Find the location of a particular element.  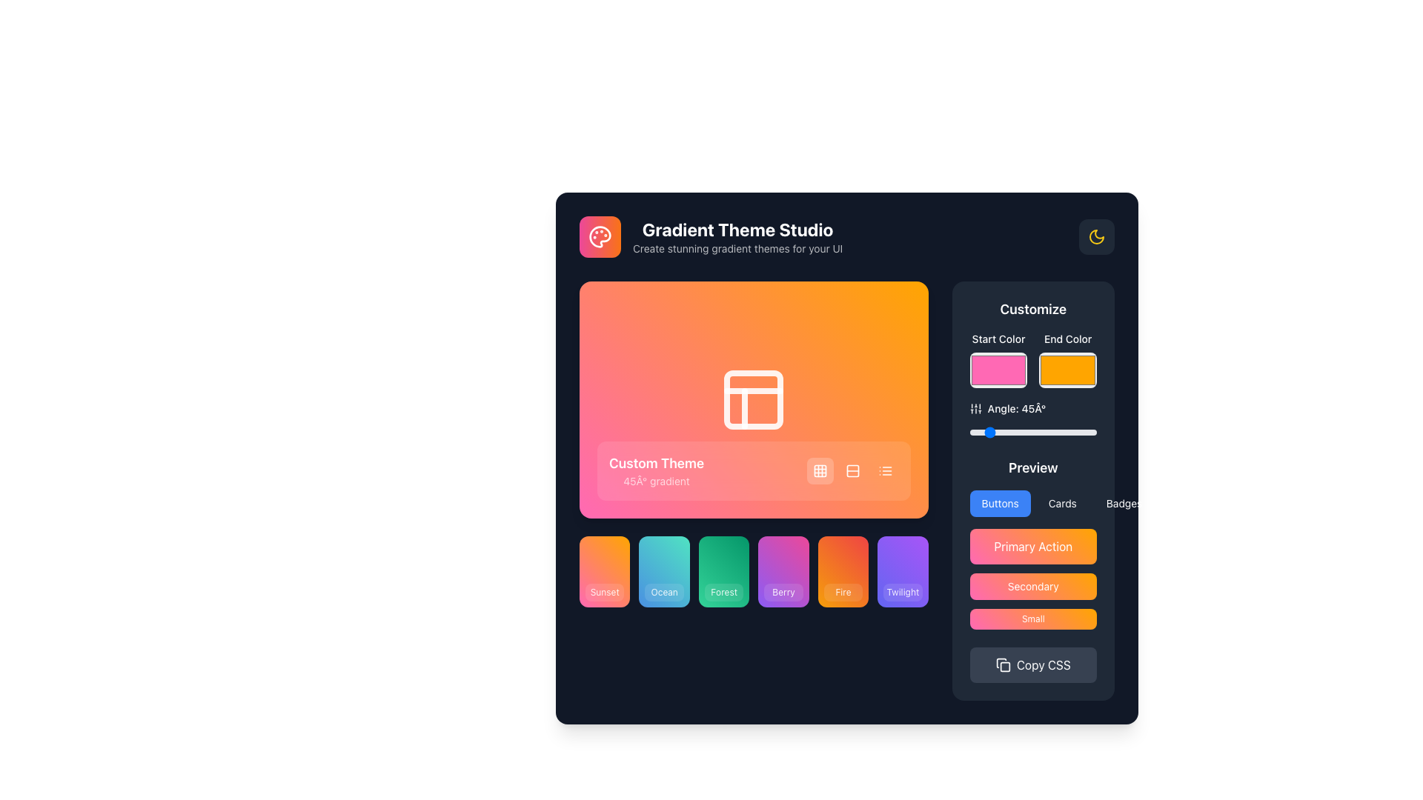

the leftmost button labeled 'Buttons' in the group of three buttons located below the 'Preview' section is located at coordinates (999, 502).